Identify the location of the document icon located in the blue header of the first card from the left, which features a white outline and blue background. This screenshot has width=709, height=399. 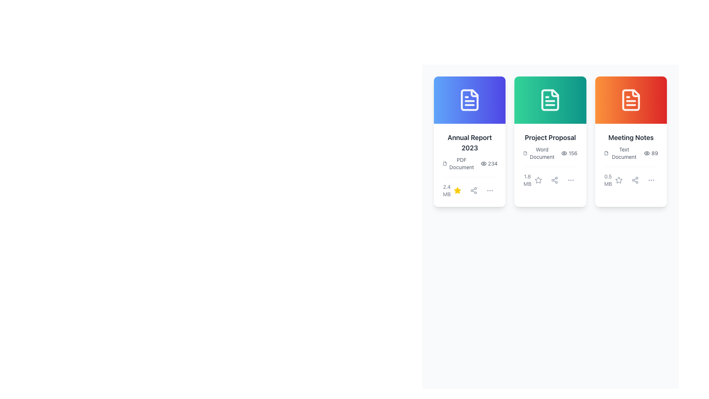
(469, 100).